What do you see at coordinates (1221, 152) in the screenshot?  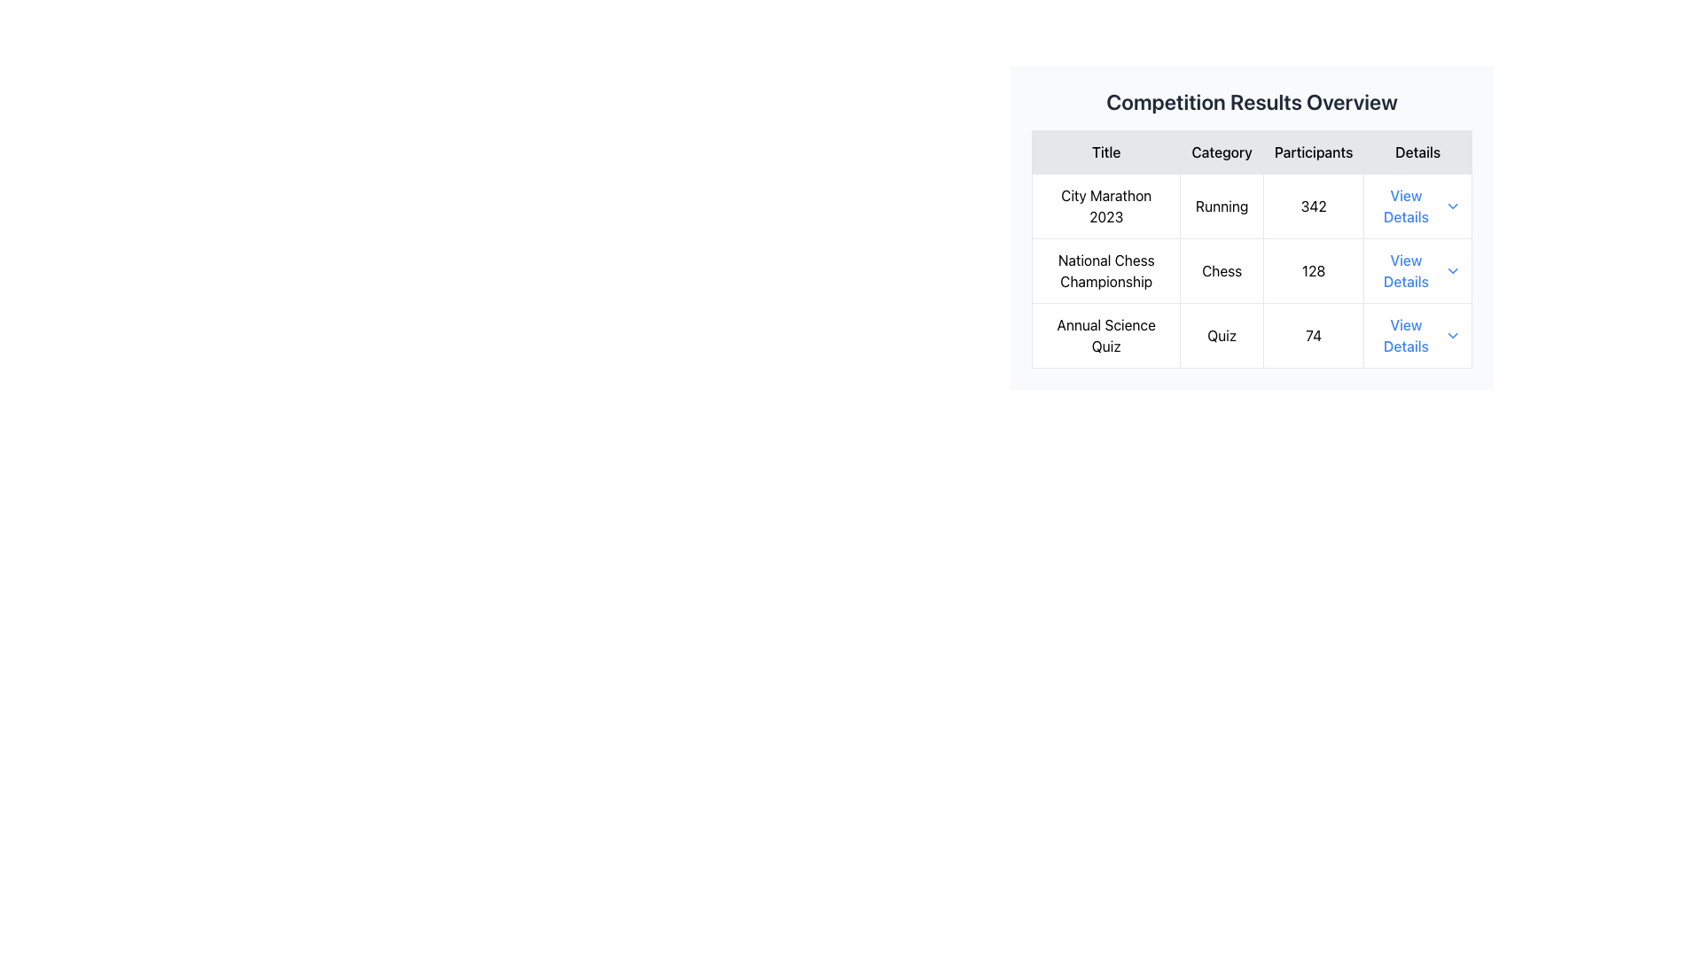 I see `the 'Category' column header in the table, which is the second column header located between the 'Title' and 'Participants' columns, to help users interpret the data structure of the table` at bounding box center [1221, 152].